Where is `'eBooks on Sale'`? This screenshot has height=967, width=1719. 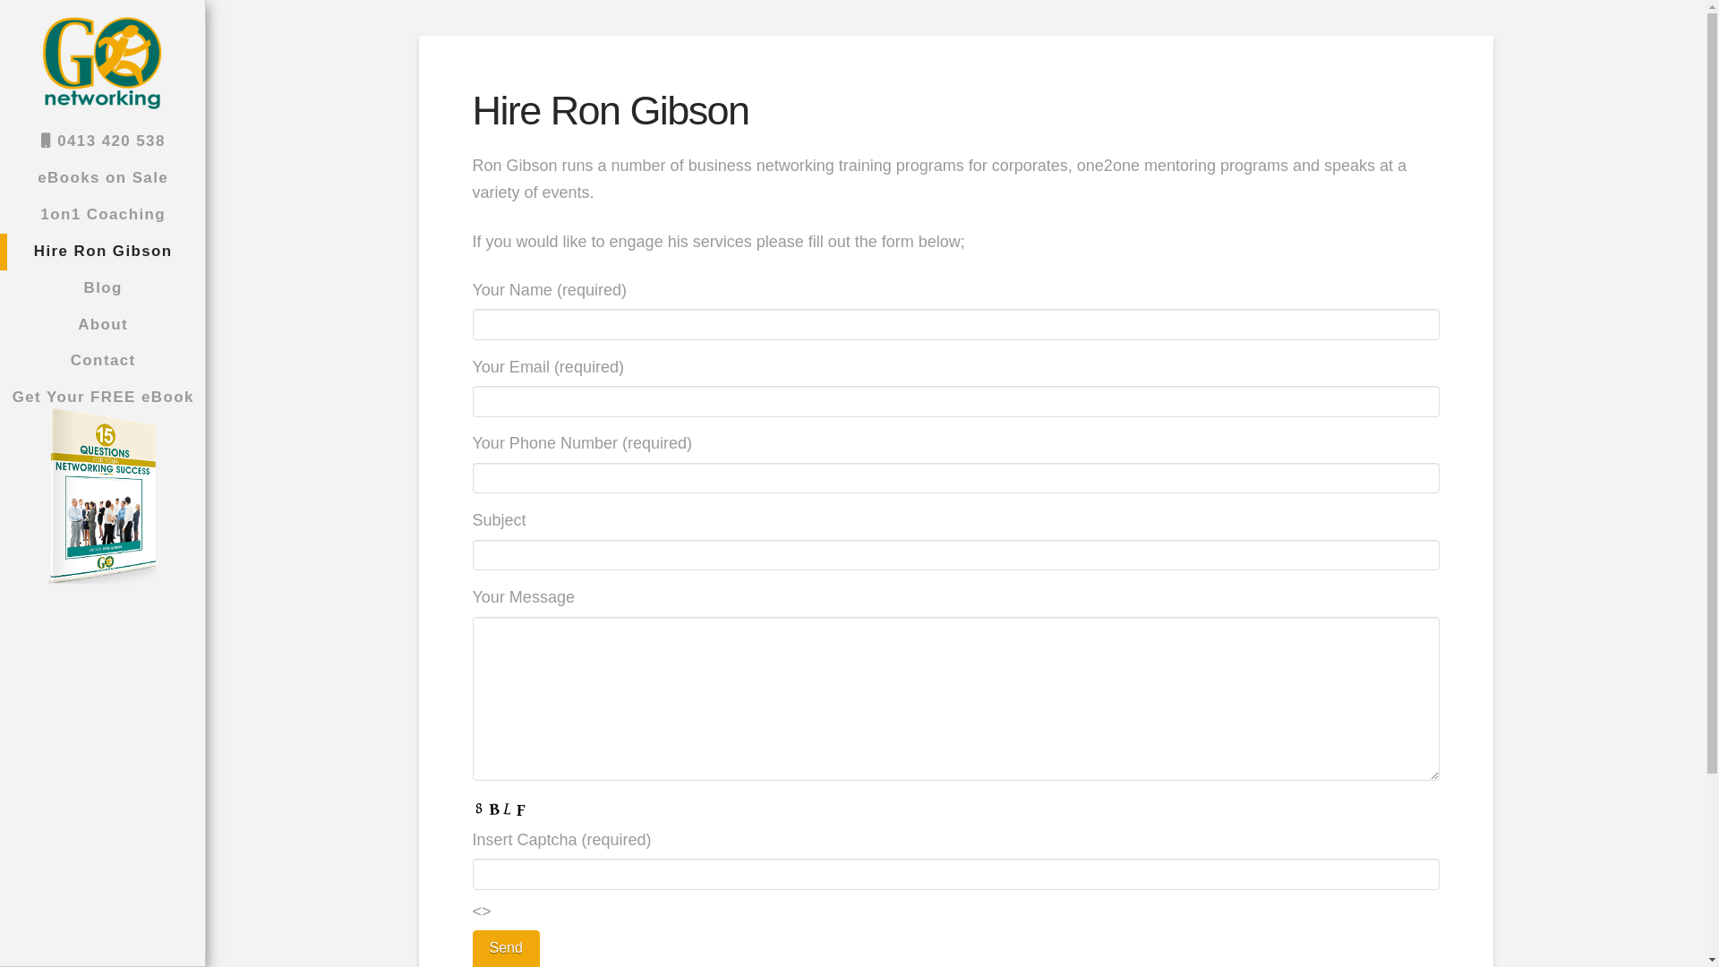
'eBooks on Sale' is located at coordinates (101, 178).